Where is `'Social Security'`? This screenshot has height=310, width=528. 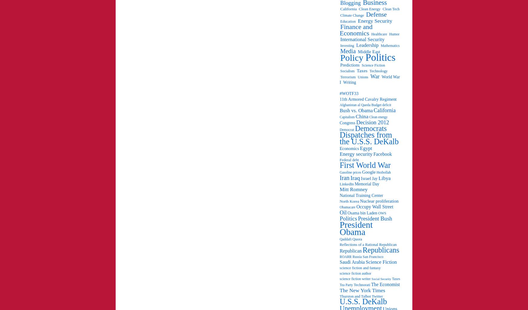
'Social Security' is located at coordinates (381, 279).